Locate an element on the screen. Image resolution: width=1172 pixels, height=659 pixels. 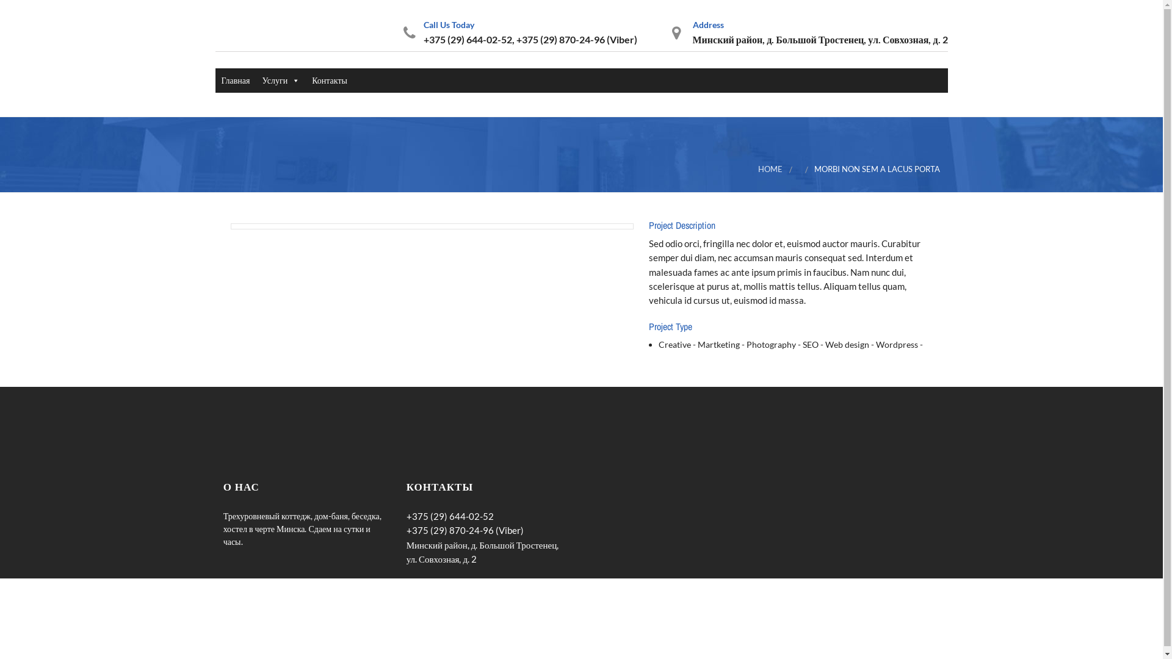
'HOME' is located at coordinates (770, 169).